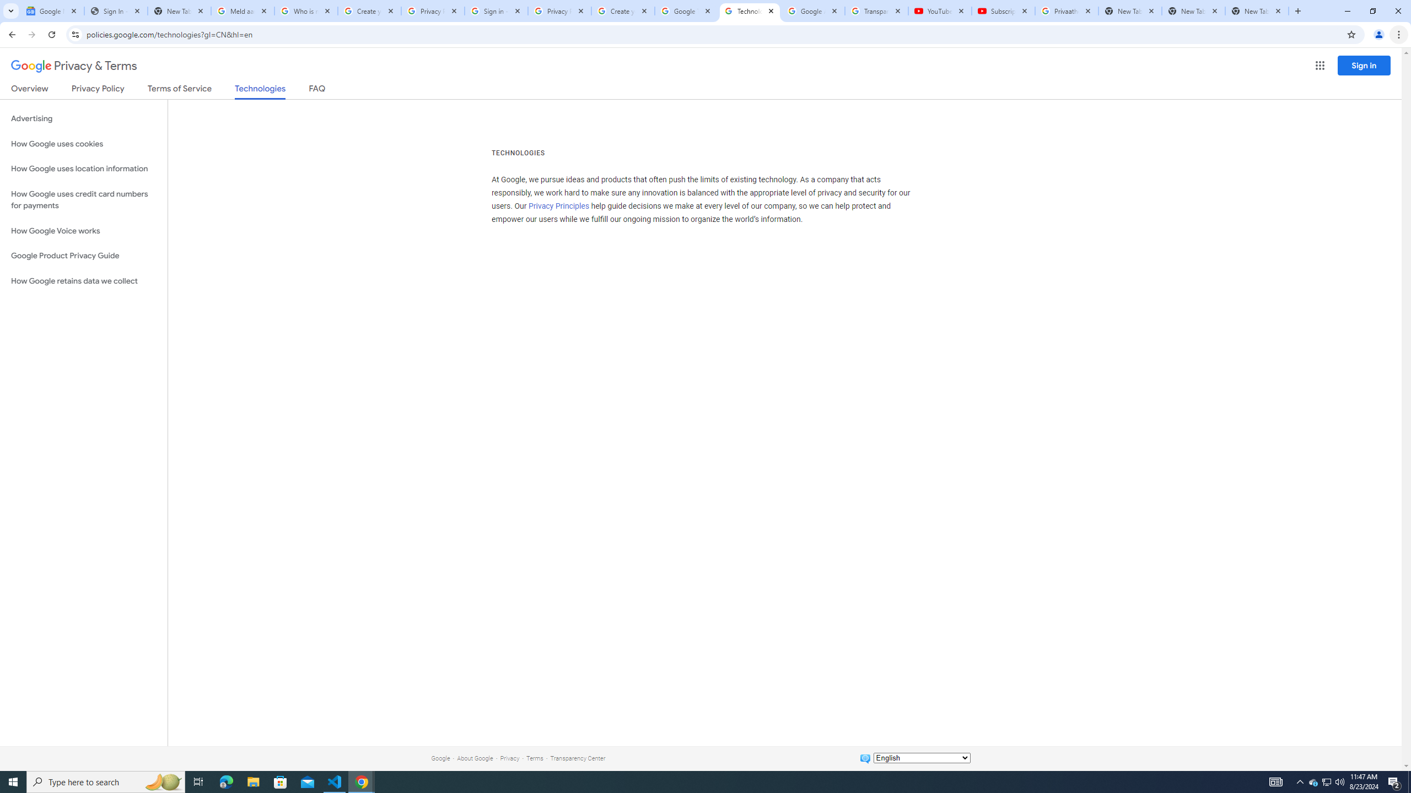 The height and width of the screenshot is (793, 1411). Describe the element at coordinates (577, 758) in the screenshot. I see `'Transparency Center'` at that location.